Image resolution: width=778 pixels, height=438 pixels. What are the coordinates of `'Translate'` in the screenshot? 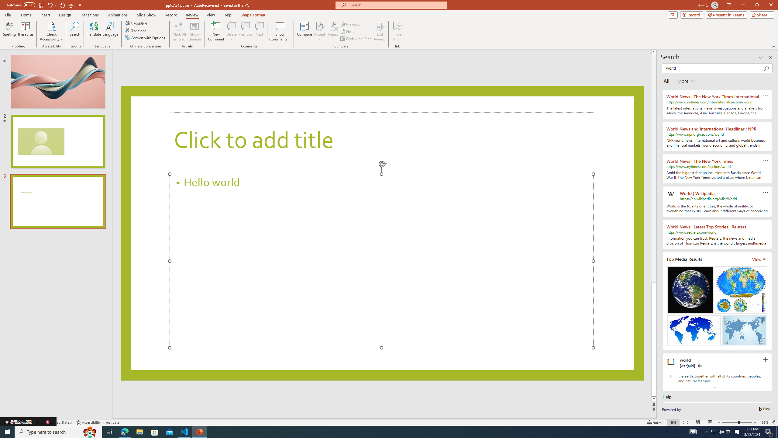 It's located at (94, 31).